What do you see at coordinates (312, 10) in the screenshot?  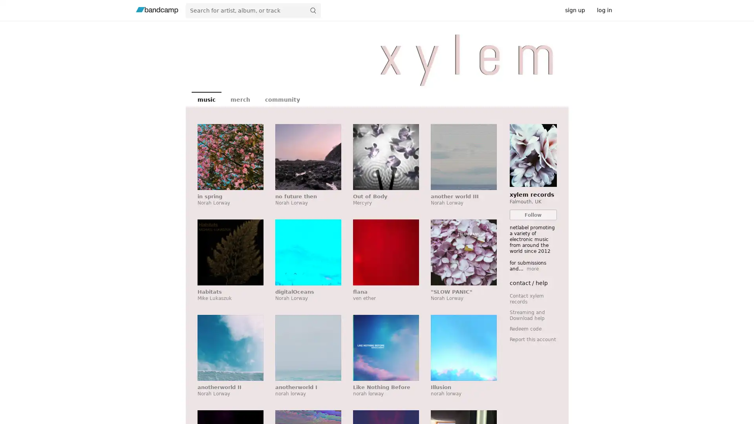 I see `submit for full search page` at bounding box center [312, 10].